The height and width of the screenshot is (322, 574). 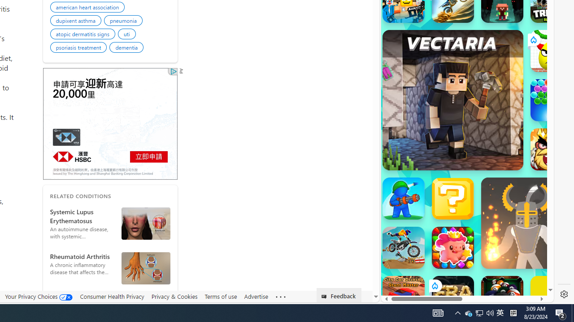 What do you see at coordinates (280, 297) in the screenshot?
I see `'Class: oneFooter_seeMore-DS-EntryPoint1-1'` at bounding box center [280, 297].